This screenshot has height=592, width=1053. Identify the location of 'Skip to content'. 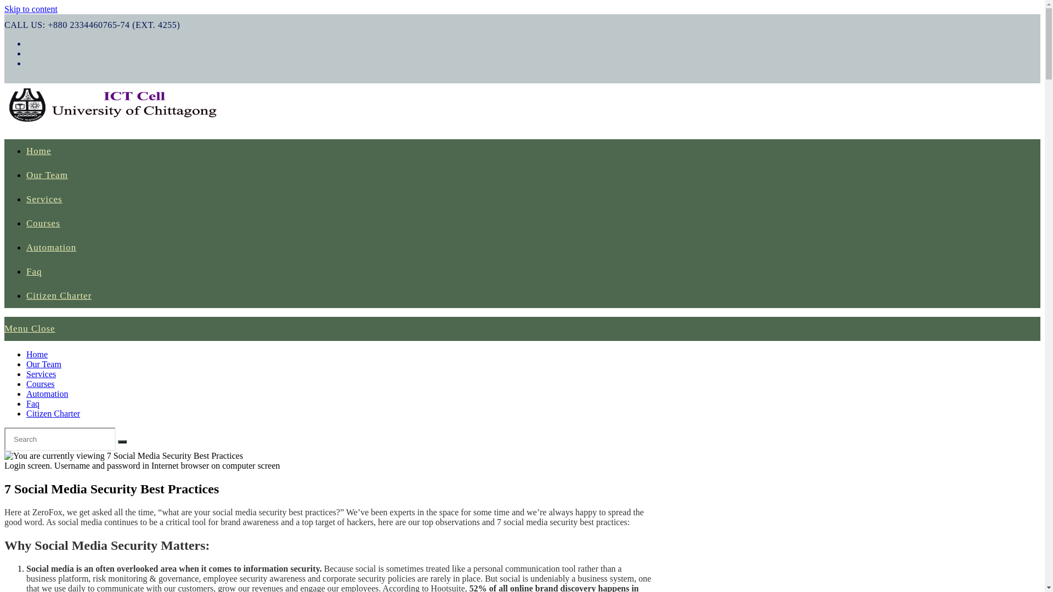
(31, 9).